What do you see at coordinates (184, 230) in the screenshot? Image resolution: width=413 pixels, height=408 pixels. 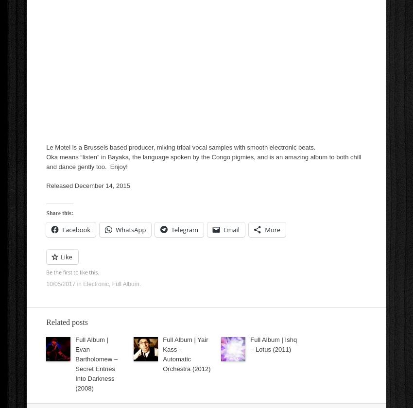 I see `'Telegram'` at bounding box center [184, 230].